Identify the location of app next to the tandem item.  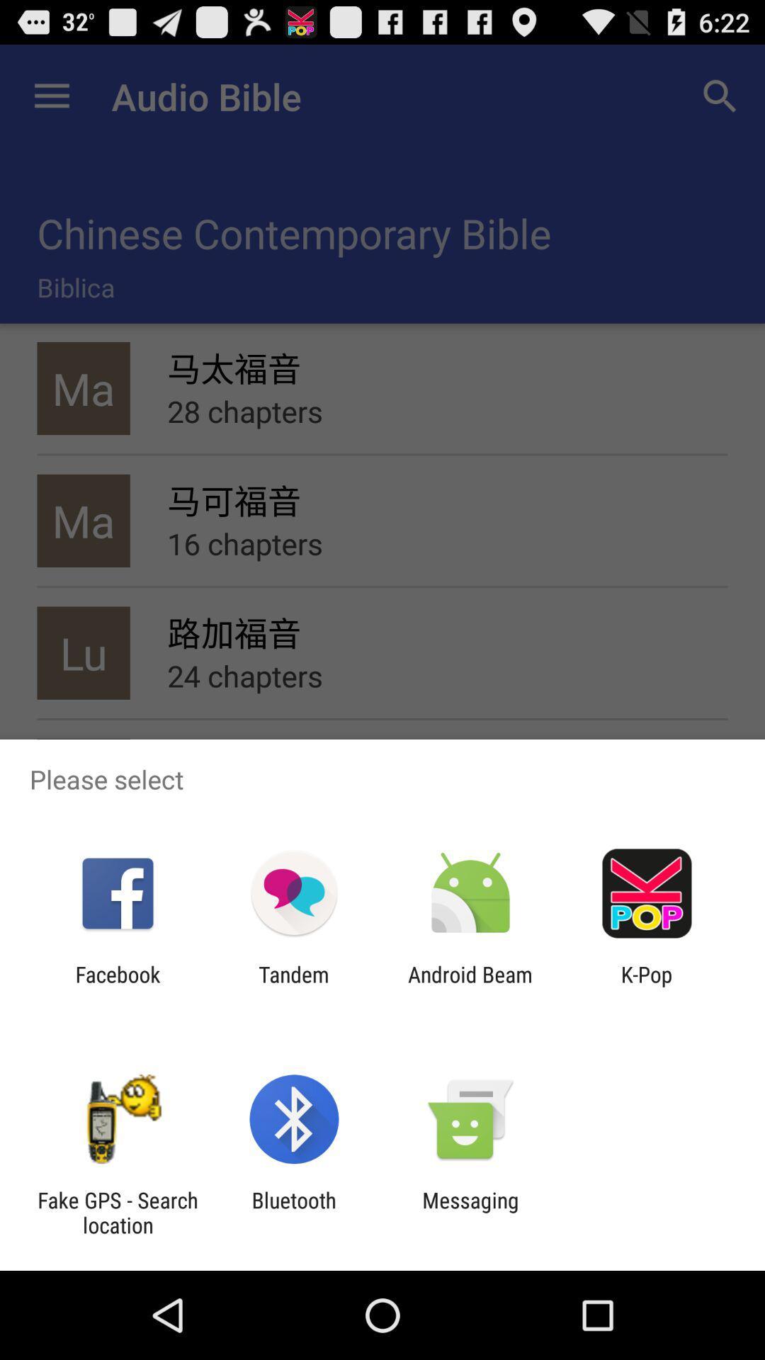
(470, 986).